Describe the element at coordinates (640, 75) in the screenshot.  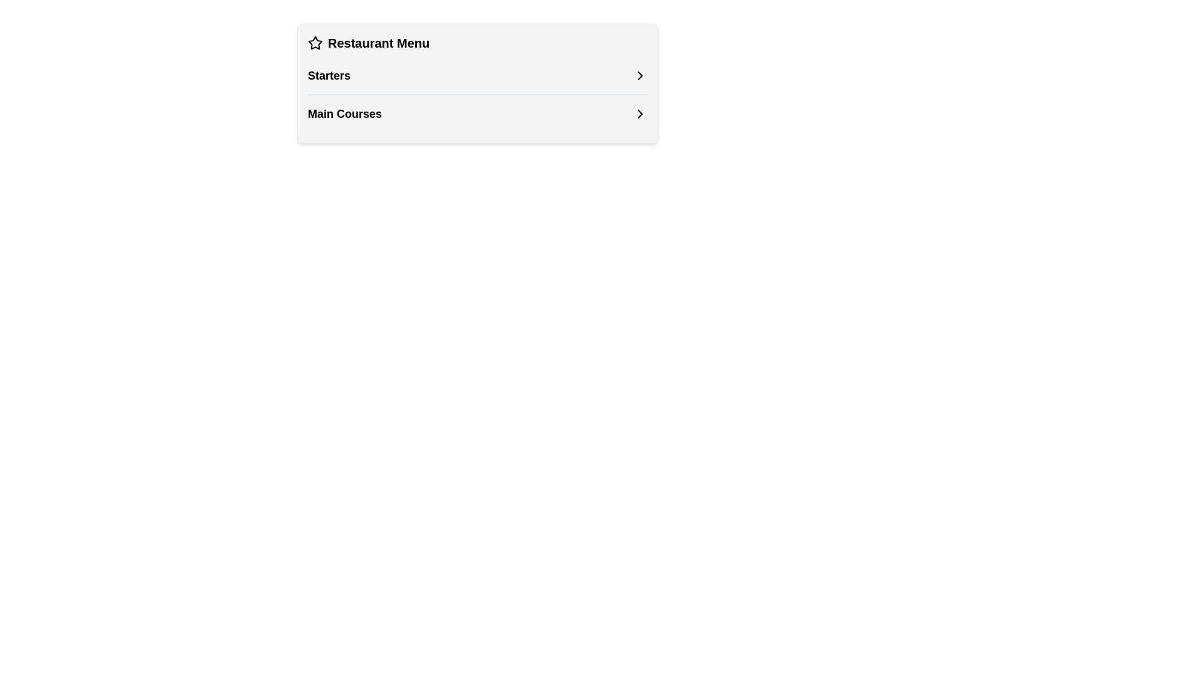
I see `the icon located in the top-right corner of the 'Restaurant Menu' menu item` at that location.